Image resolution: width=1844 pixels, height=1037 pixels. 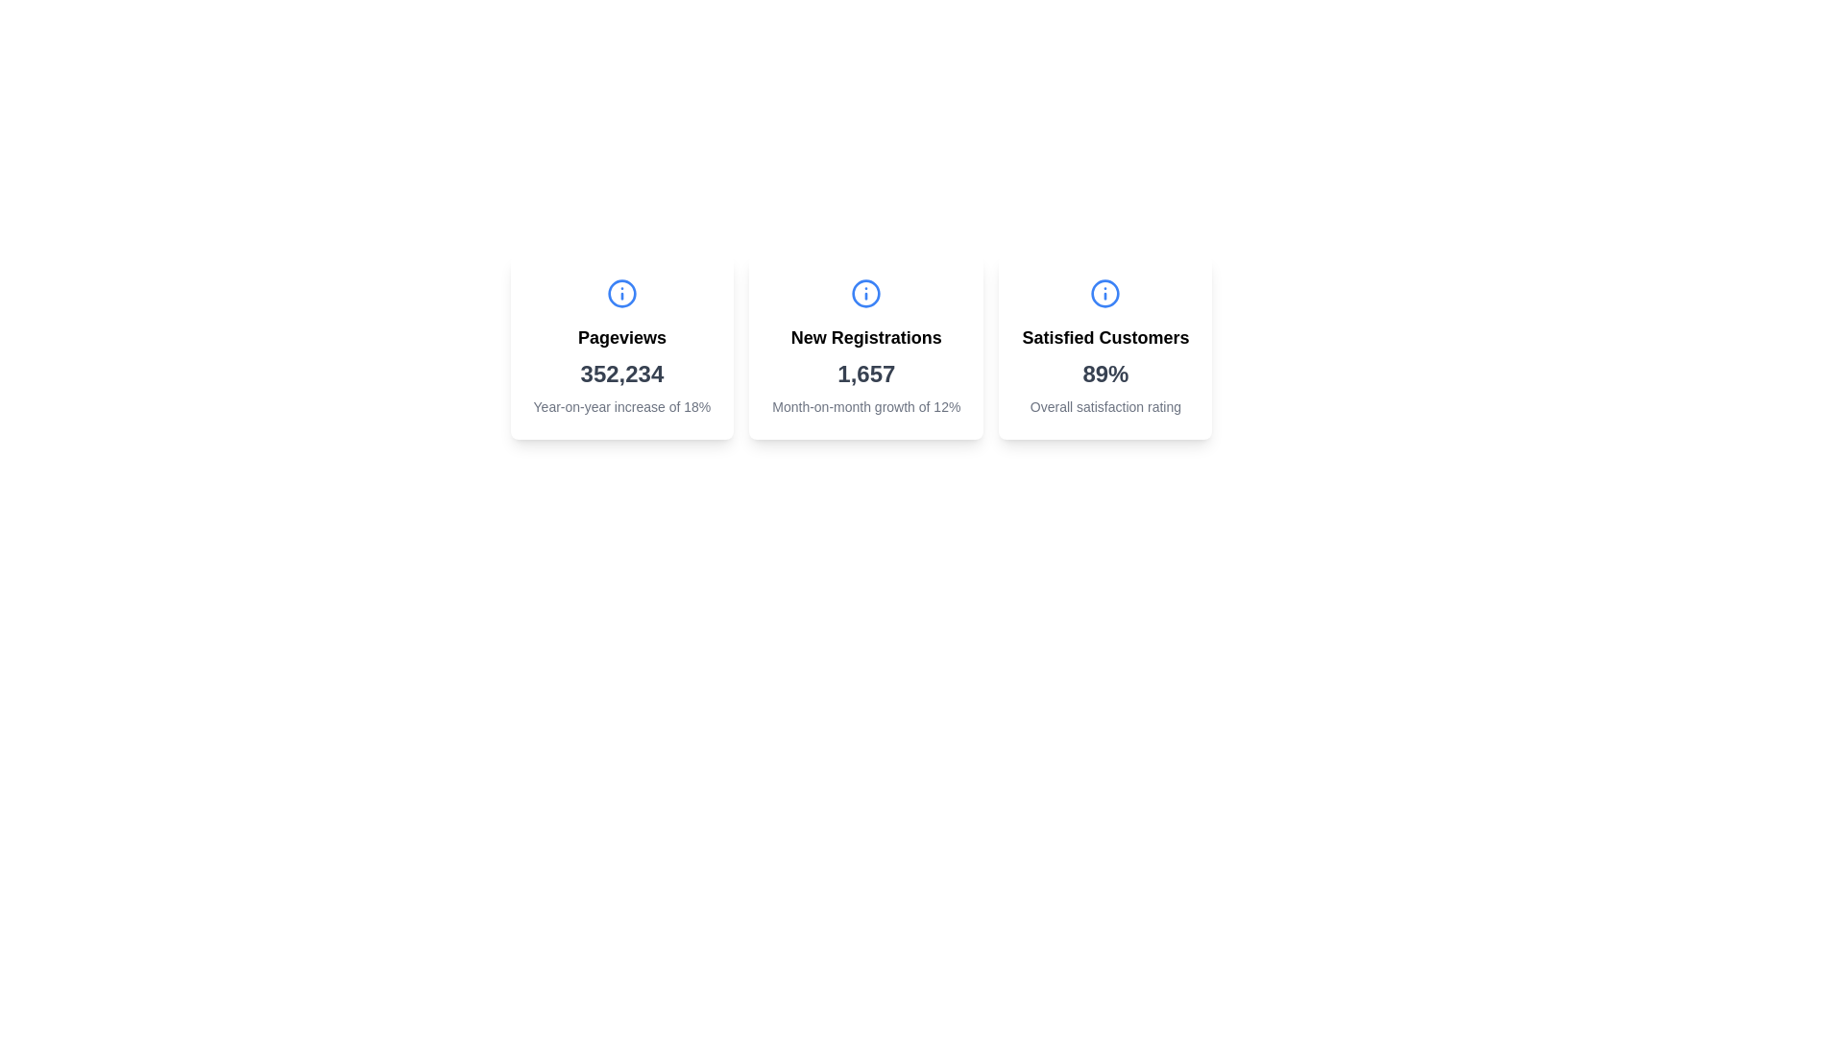 What do you see at coordinates (1105, 348) in the screenshot?
I see `the Informational Card that displays 'Satisfied Customers' with a percentage of '89%' and a description of 'Overall satisfaction rating', located at the far-right of three horizontally aligned cards` at bounding box center [1105, 348].